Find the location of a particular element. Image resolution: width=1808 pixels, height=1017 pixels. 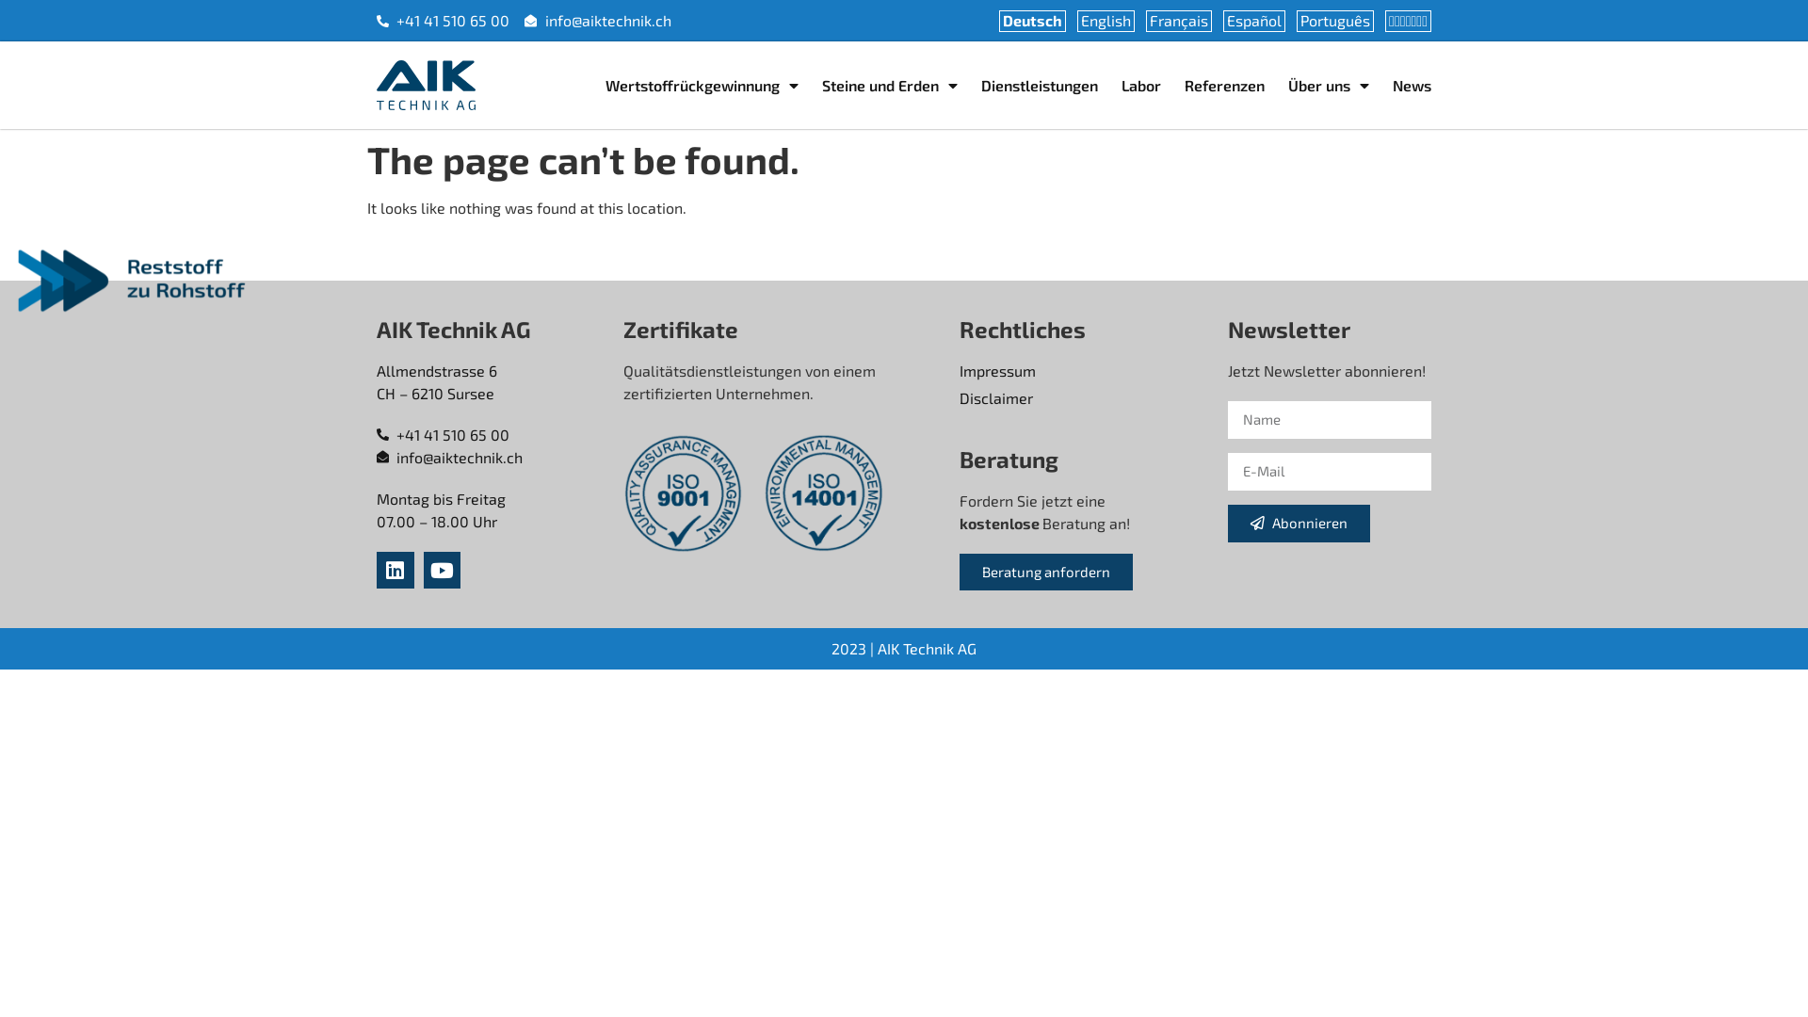

'Impressum' is located at coordinates (959, 370).